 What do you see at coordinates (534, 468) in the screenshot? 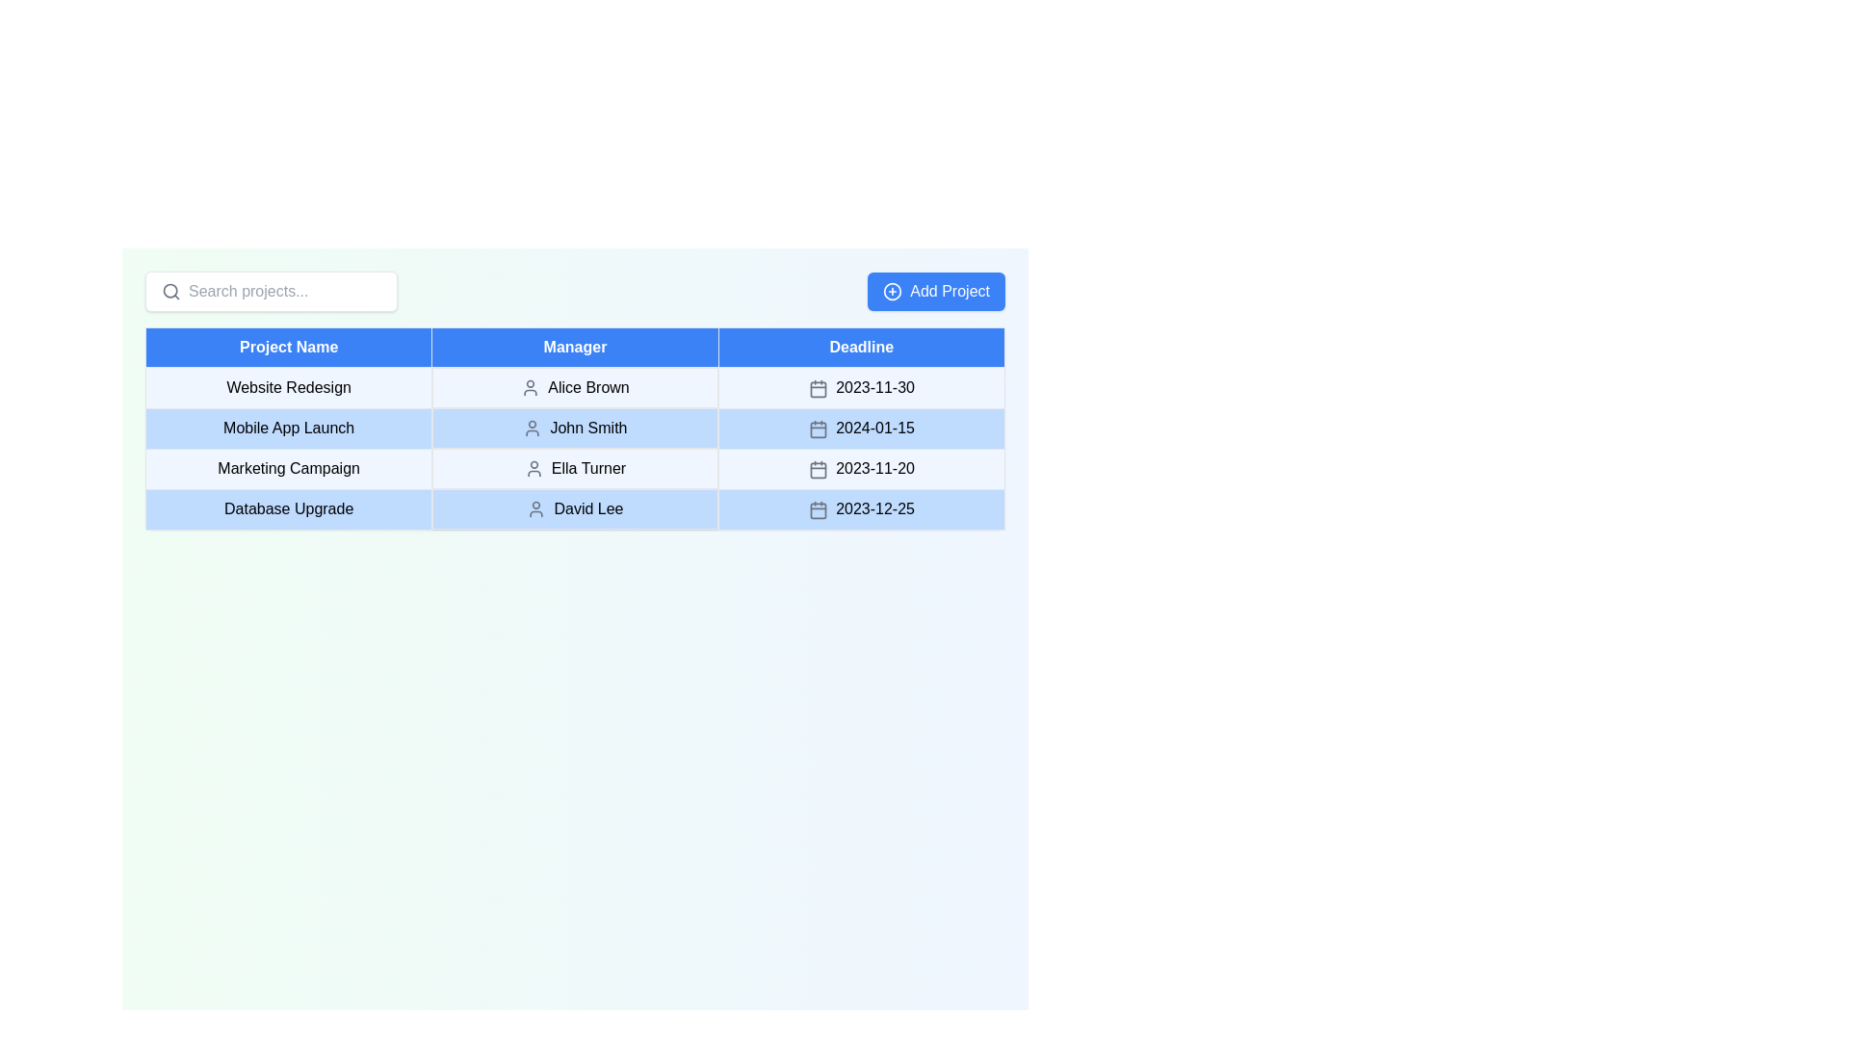
I see `the user profile silhouette icon adjacent to the text label 'Ella Turner' in the 'Manager' column of the 'Marketing Campaign' project table` at bounding box center [534, 468].